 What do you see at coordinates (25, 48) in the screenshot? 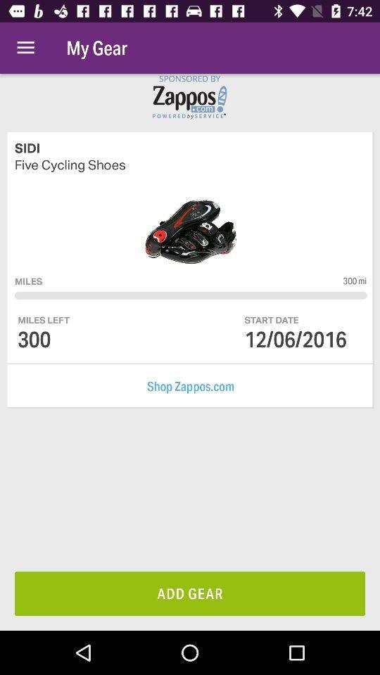
I see `icon to the left of the my gear item` at bounding box center [25, 48].